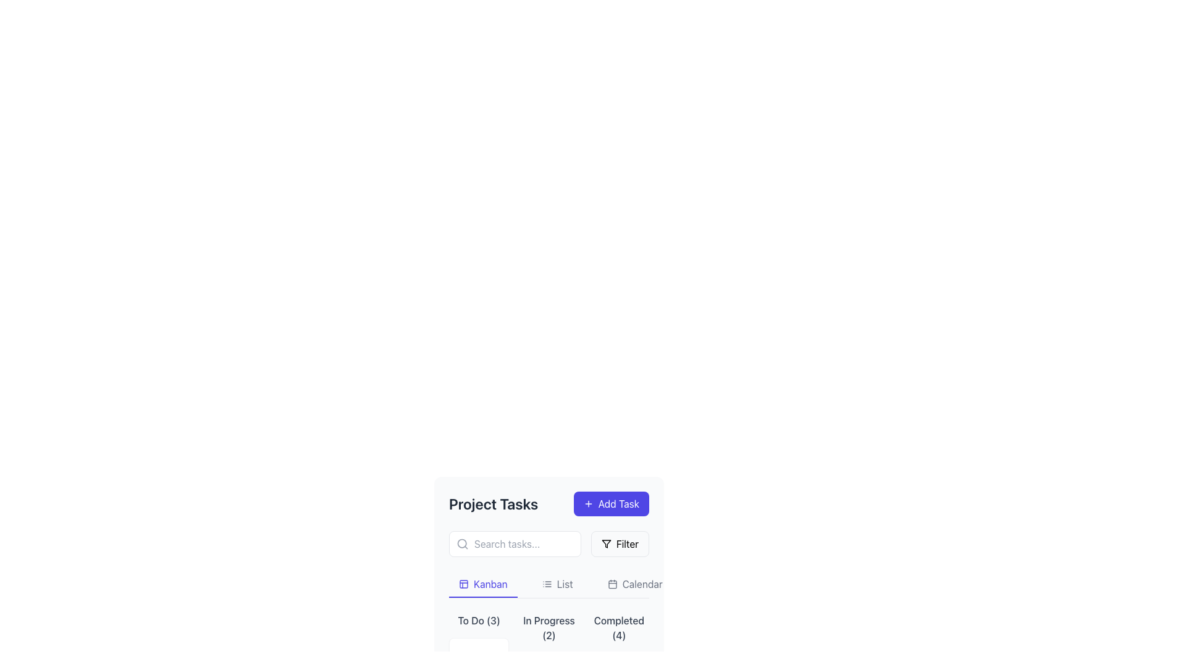 The width and height of the screenshot is (1186, 667). What do you see at coordinates (619, 628) in the screenshot?
I see `the text label displaying 'Completed (4)' which is styled with a medium font weight and gray color, located in the lower right portion of the interface within the task statuses section` at bounding box center [619, 628].